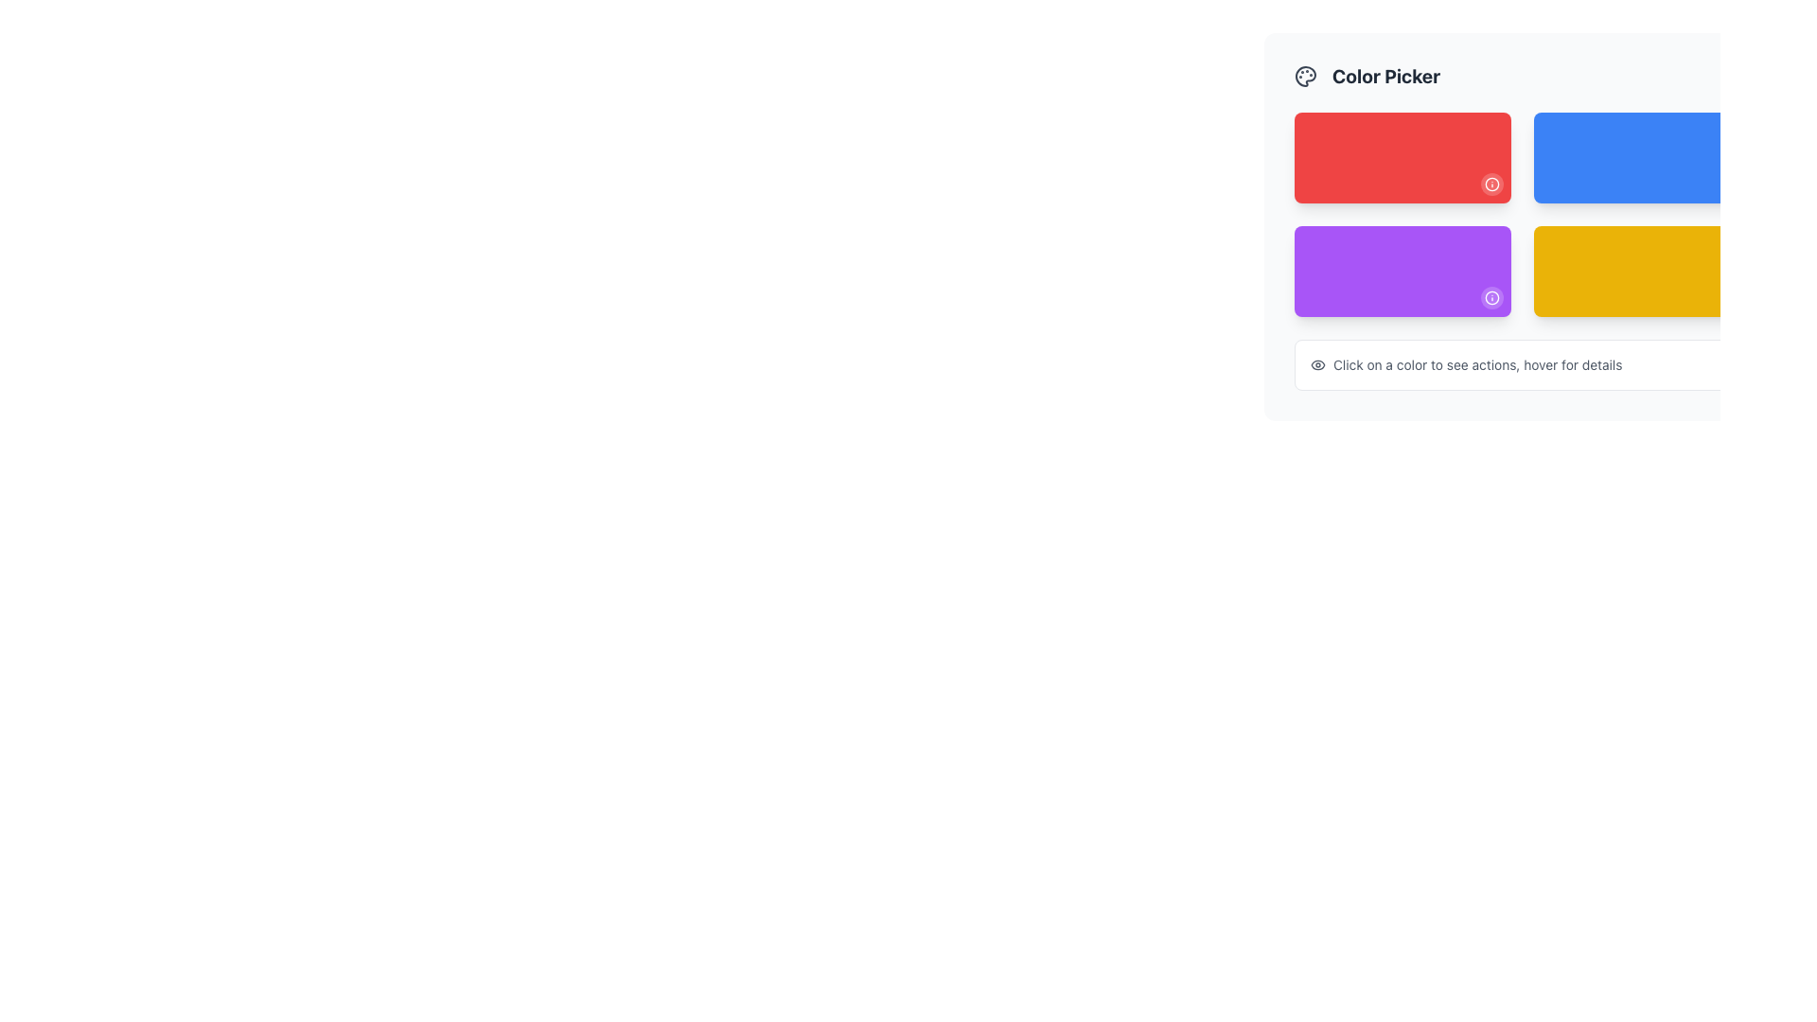 This screenshot has height=1022, width=1817. I want to click on the blue rectangular card with rounded corners, which is the second card in the first row of a 3-column grid layout, so click(1642, 156).